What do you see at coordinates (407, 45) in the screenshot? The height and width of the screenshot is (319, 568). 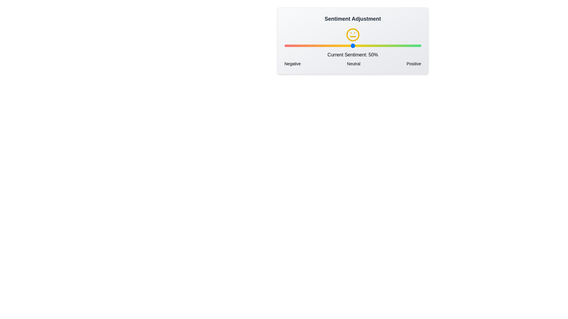 I see `the sentiment slider to 90% to observe the corresponding sentiment icon` at bounding box center [407, 45].